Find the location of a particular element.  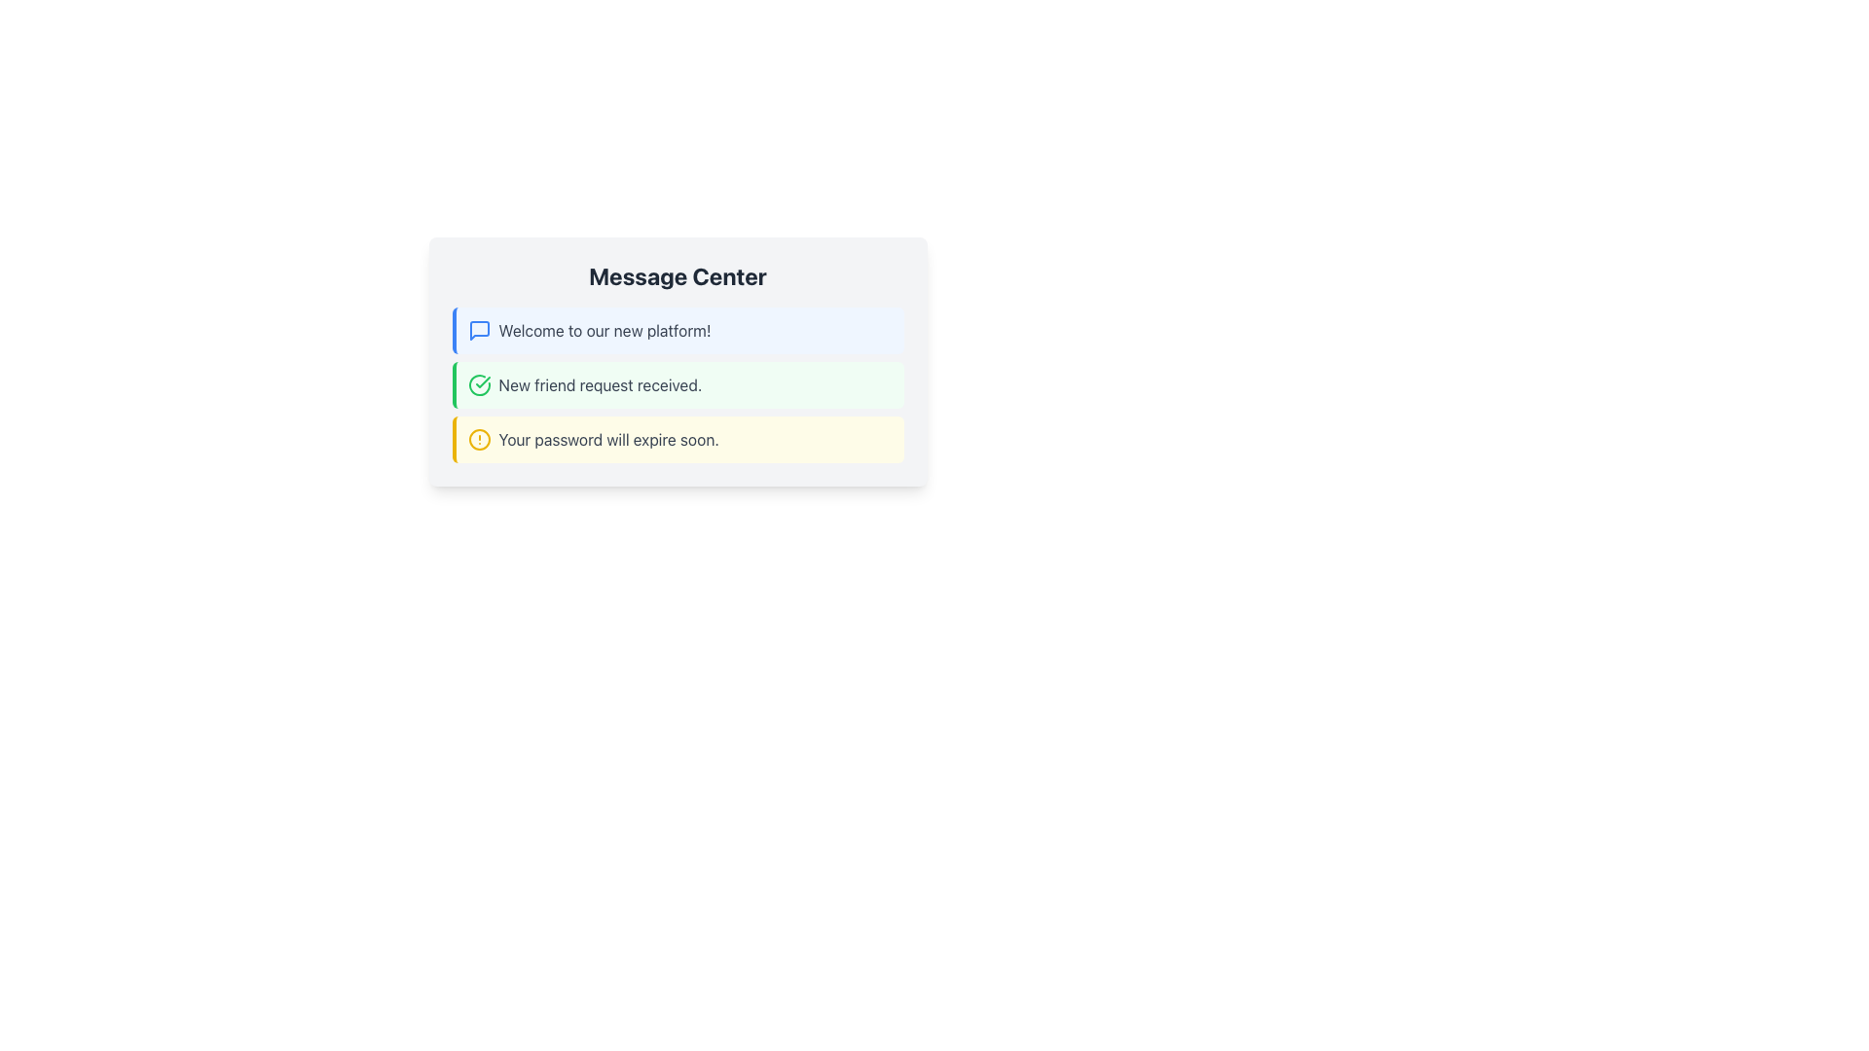

notification from the second item in the vertically stacked list of notifications within the Notification Card that informs about a new friend request is located at coordinates (678, 385).